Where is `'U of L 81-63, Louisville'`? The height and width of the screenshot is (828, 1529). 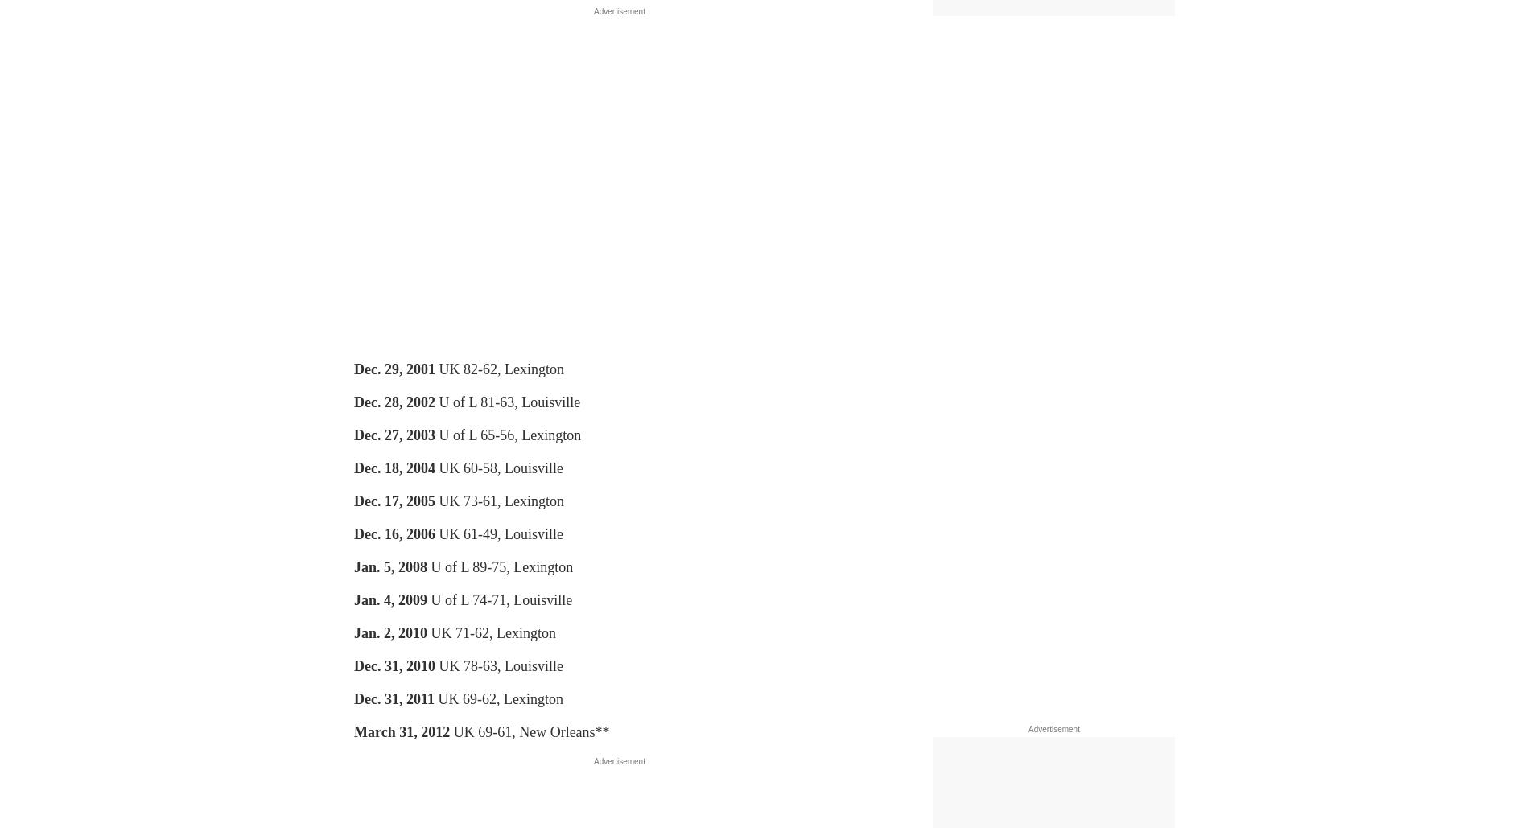 'U of L 81-63, Louisville' is located at coordinates (507, 402).